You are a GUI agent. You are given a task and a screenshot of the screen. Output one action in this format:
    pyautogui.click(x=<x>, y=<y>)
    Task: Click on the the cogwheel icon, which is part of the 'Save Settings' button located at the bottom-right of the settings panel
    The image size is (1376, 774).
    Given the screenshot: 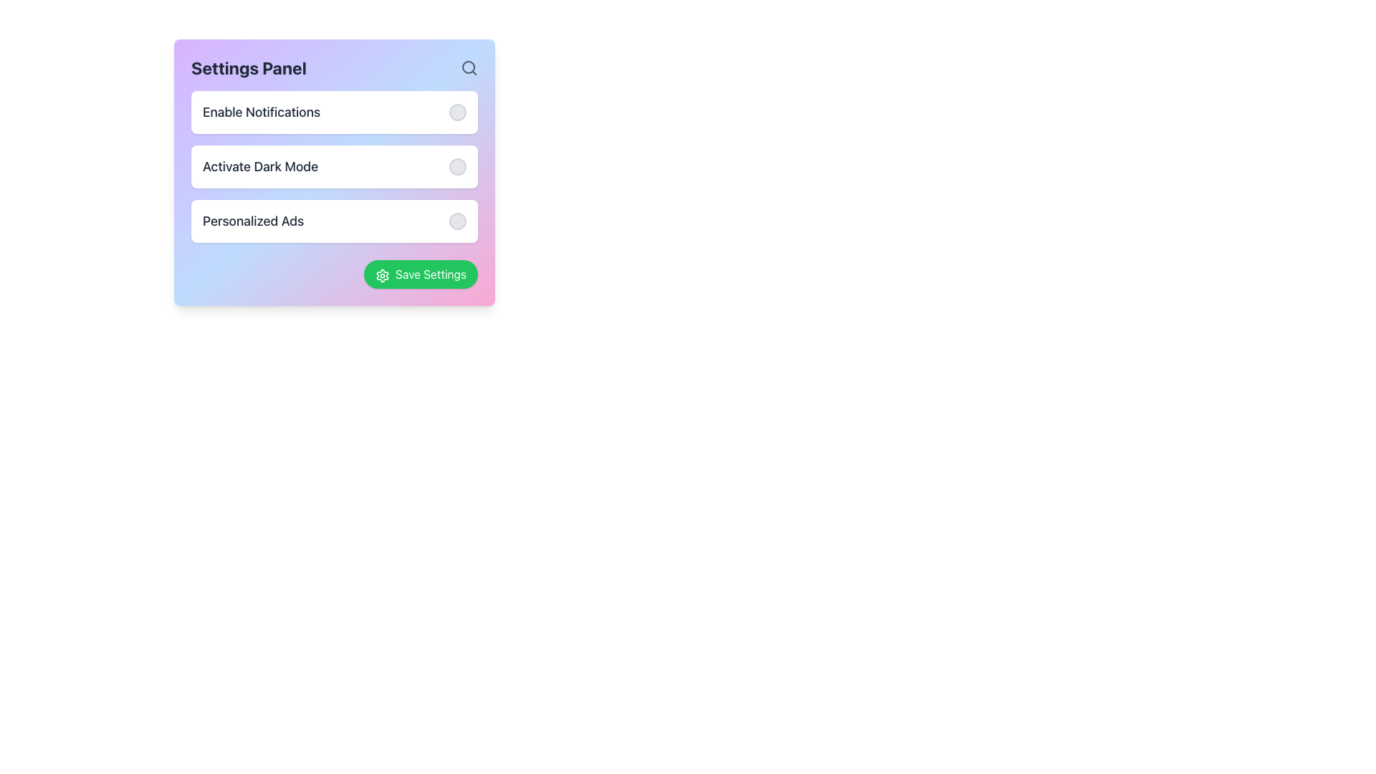 What is the action you would take?
    pyautogui.click(x=382, y=275)
    